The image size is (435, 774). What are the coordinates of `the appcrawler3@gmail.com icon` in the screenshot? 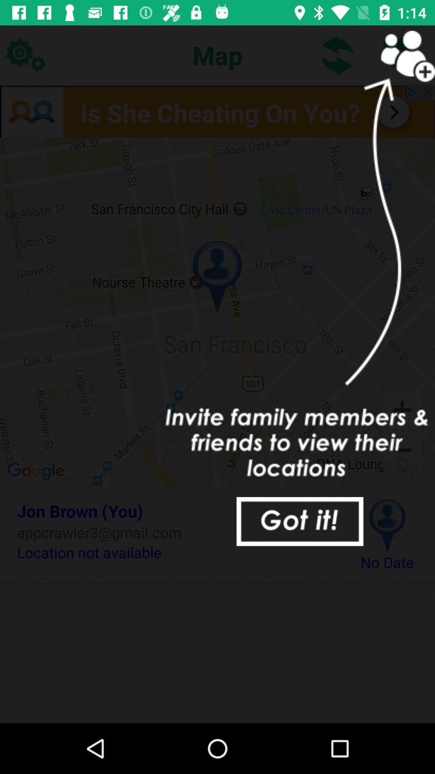 It's located at (176, 532).